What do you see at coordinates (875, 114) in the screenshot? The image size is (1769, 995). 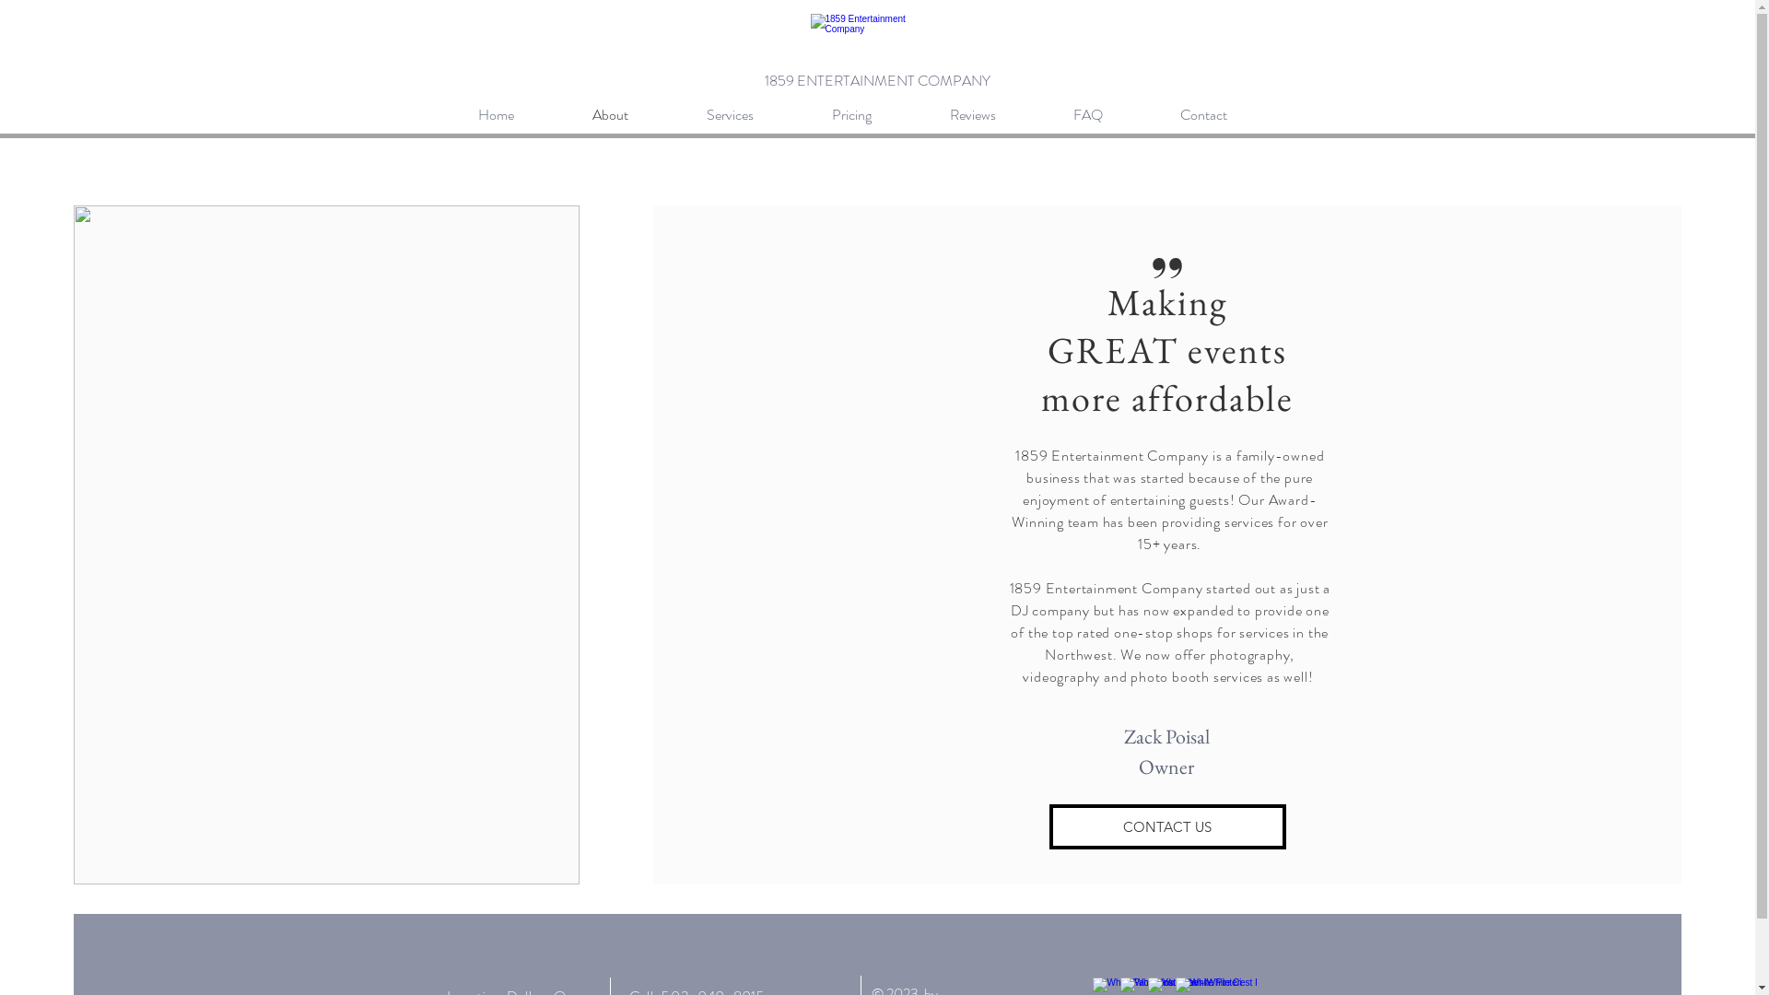 I see `'Pricing'` at bounding box center [875, 114].